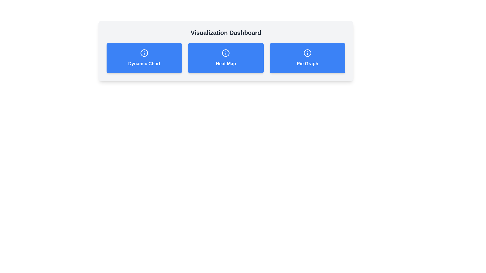 The image size is (486, 273). I want to click on the information icon located in the top section of the blue rectangular card titled 'Dynamic Chart' for more information, so click(144, 53).